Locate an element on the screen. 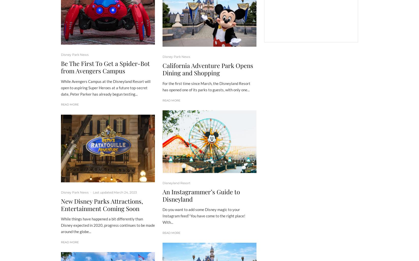 This screenshot has height=261, width=419. 'March 24, 2023' is located at coordinates (113, 192).